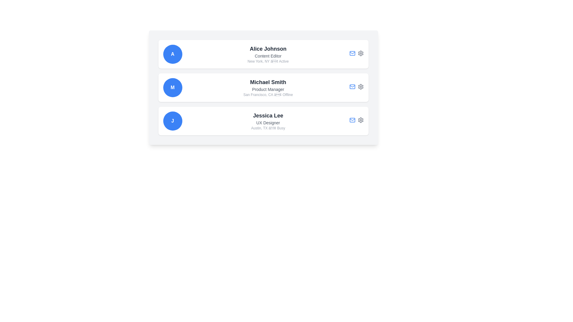 This screenshot has height=322, width=573. What do you see at coordinates (352, 120) in the screenshot?
I see `the rectangular shape that forms part of the mail icon, which is located on the right side of the user information row in a list-style interface` at bounding box center [352, 120].